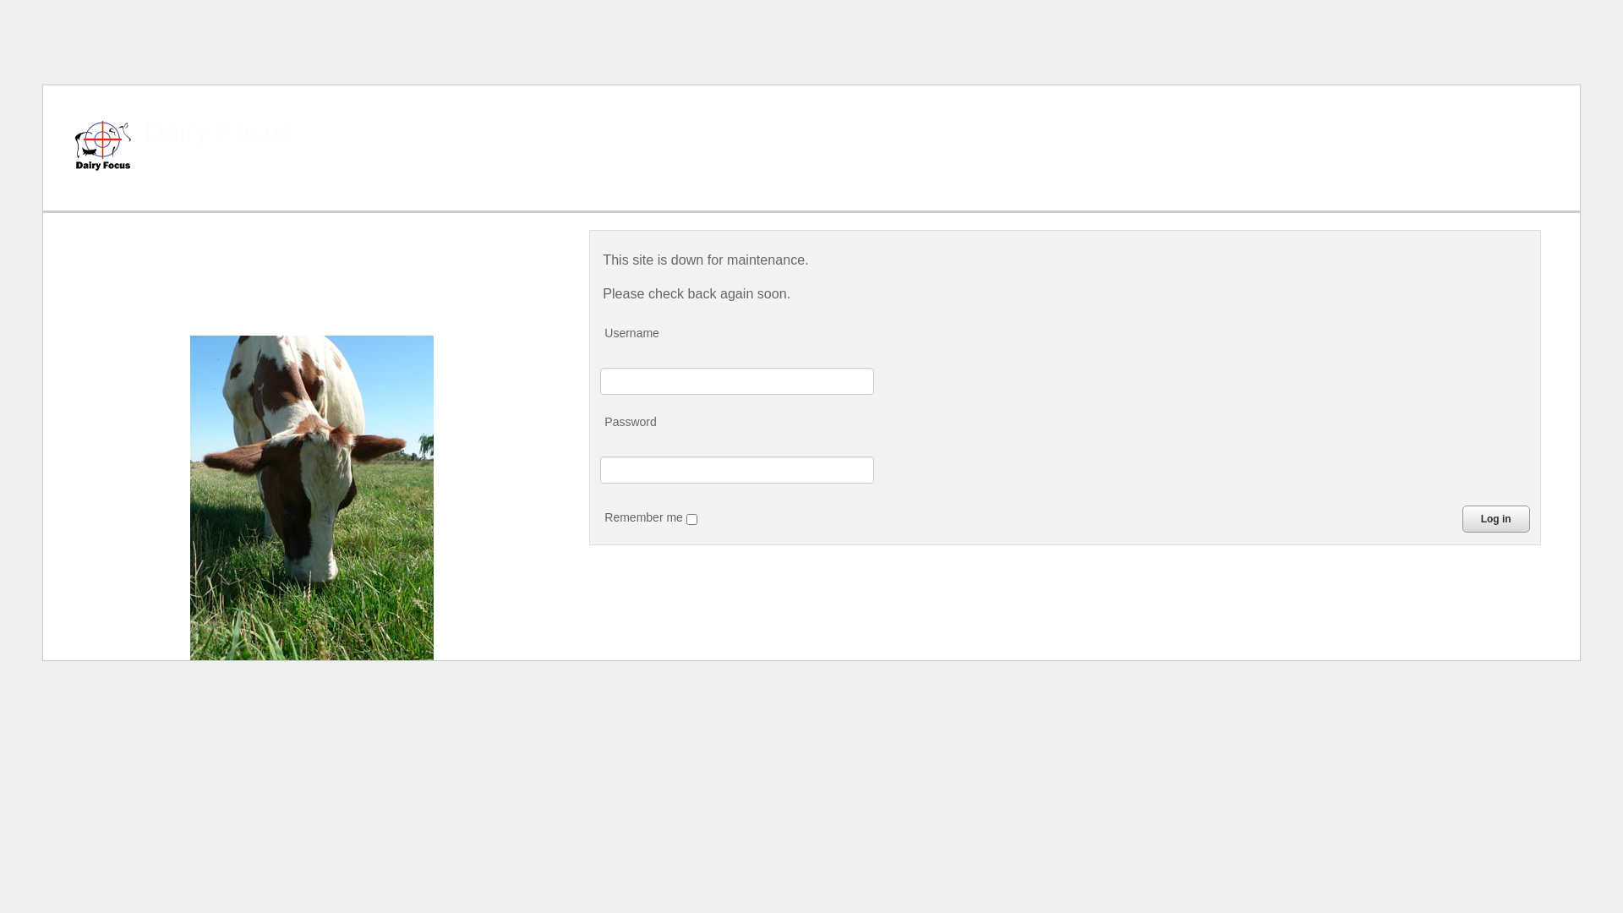  Describe the element at coordinates (1496, 517) in the screenshot. I see `'Log in'` at that location.